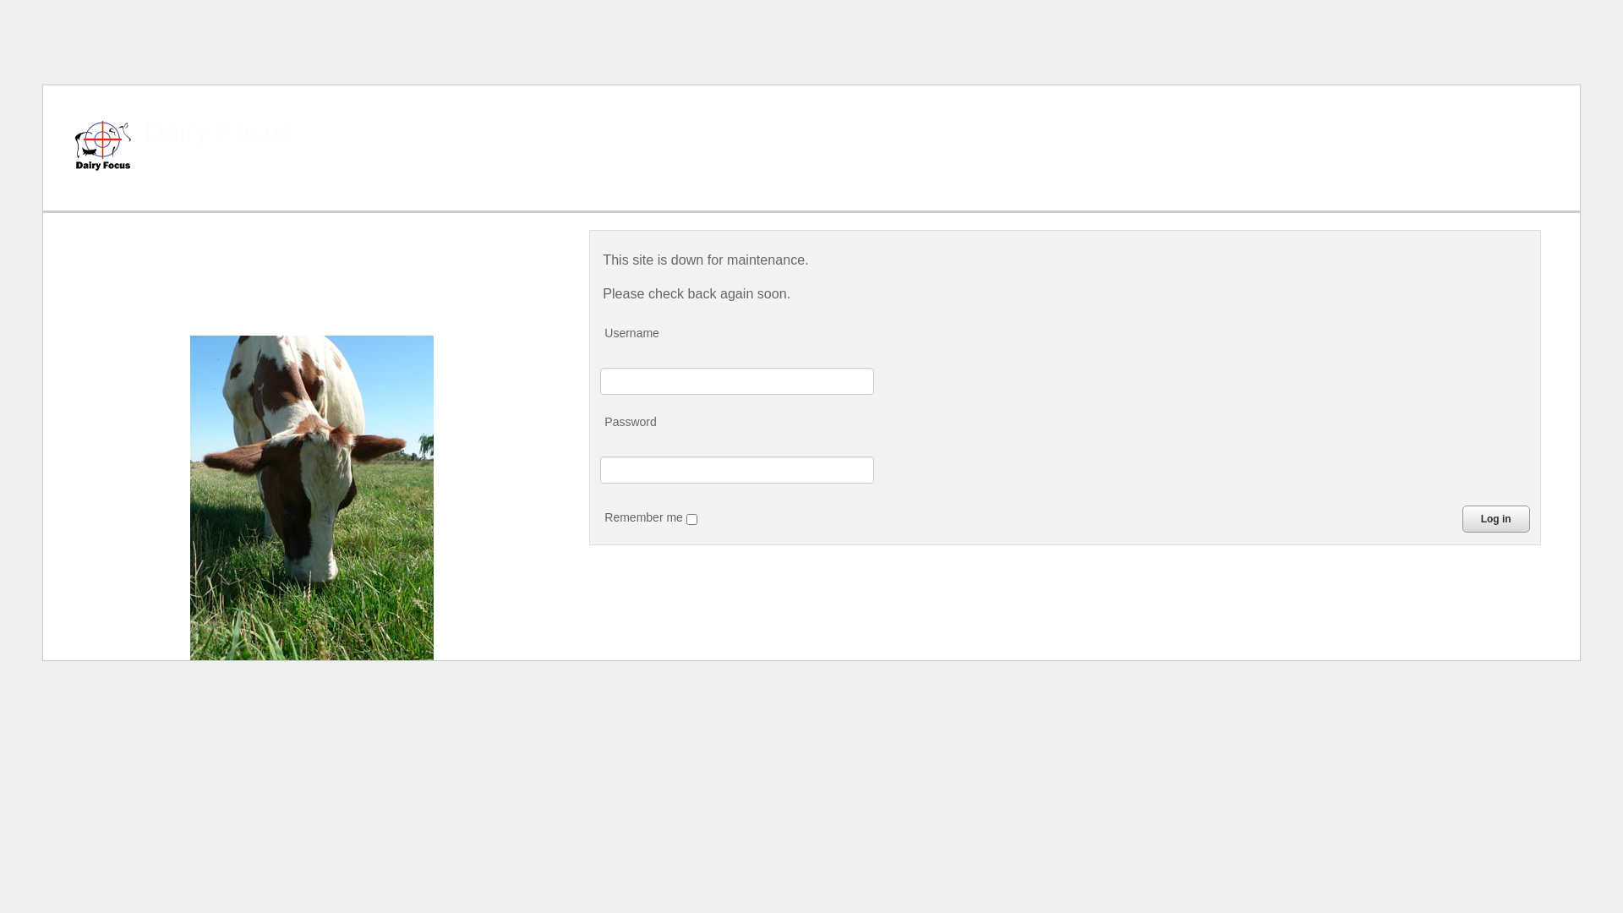  Describe the element at coordinates (1496, 517) in the screenshot. I see `'Log in'` at that location.